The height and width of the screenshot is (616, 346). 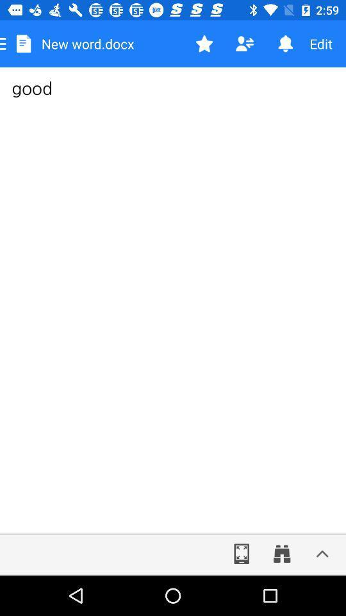 I want to click on the fullscreen icon, so click(x=242, y=553).